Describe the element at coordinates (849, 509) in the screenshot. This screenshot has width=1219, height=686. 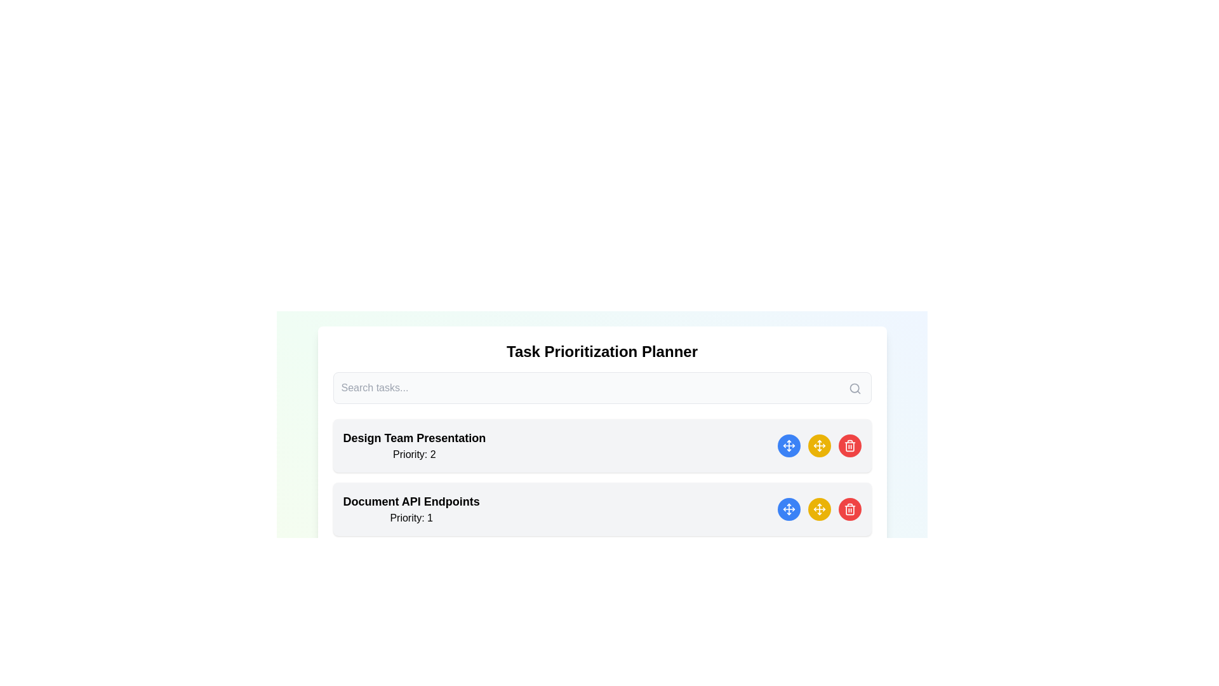
I see `the circular red button with a white trash bin icon, located on the rightmost side of the button group in the 'Task Prioritization Planner' interface, to change its background color` at that location.